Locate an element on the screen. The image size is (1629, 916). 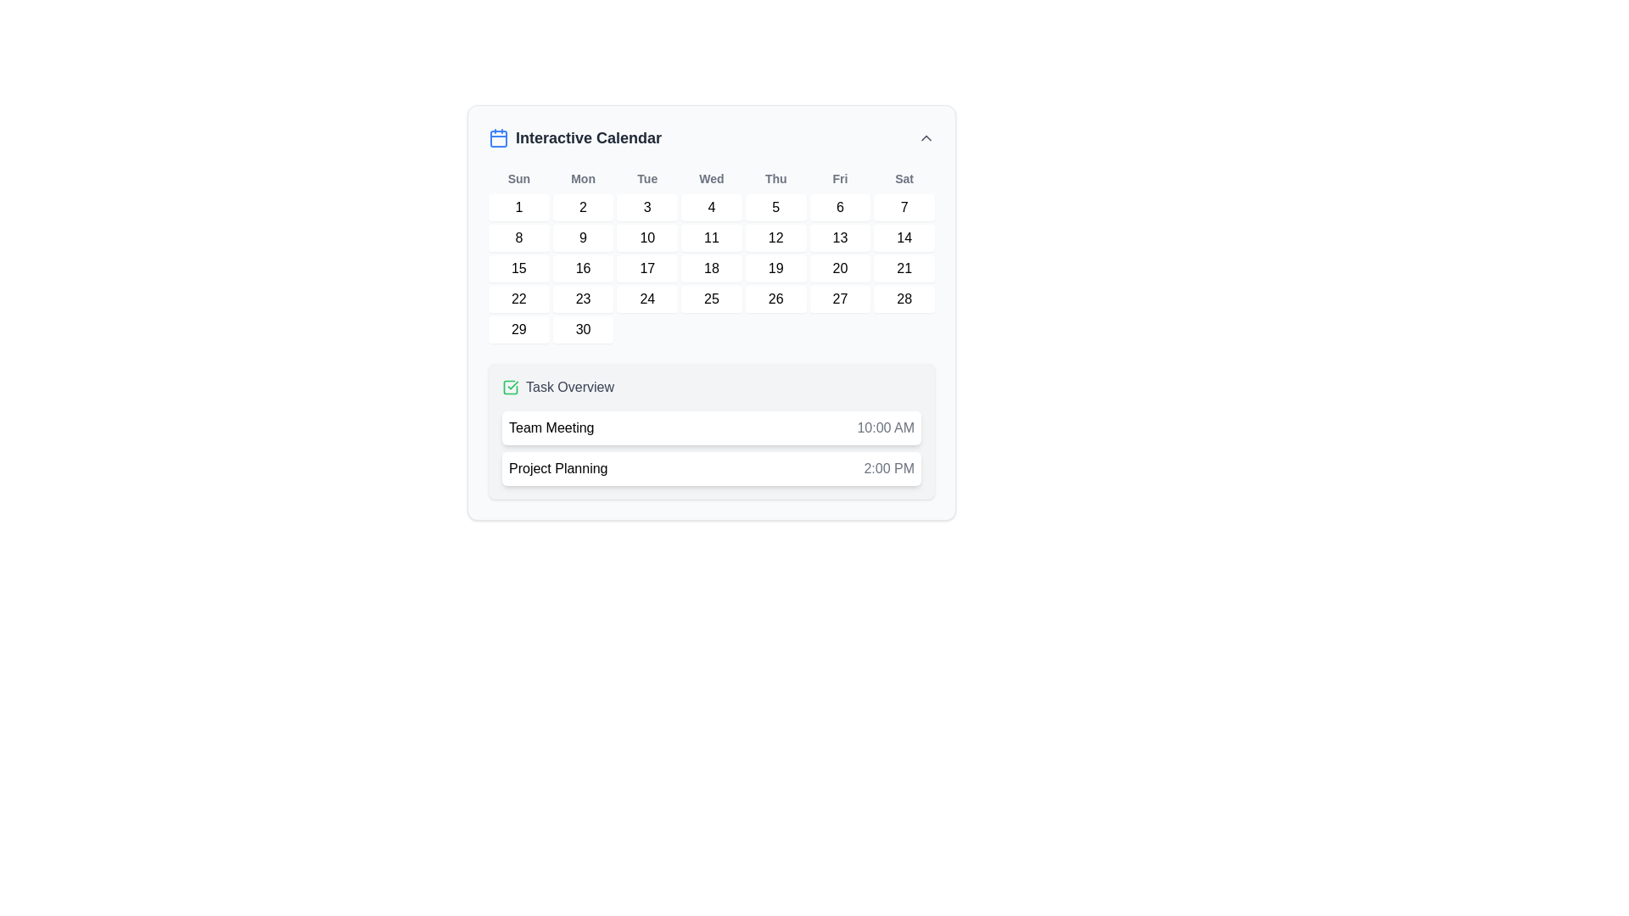
the white, square-shaped button with the number '15' in bold, black text, located in the third row and first column of the calendar grid under 'Interactive Calendar' is located at coordinates (518, 267).